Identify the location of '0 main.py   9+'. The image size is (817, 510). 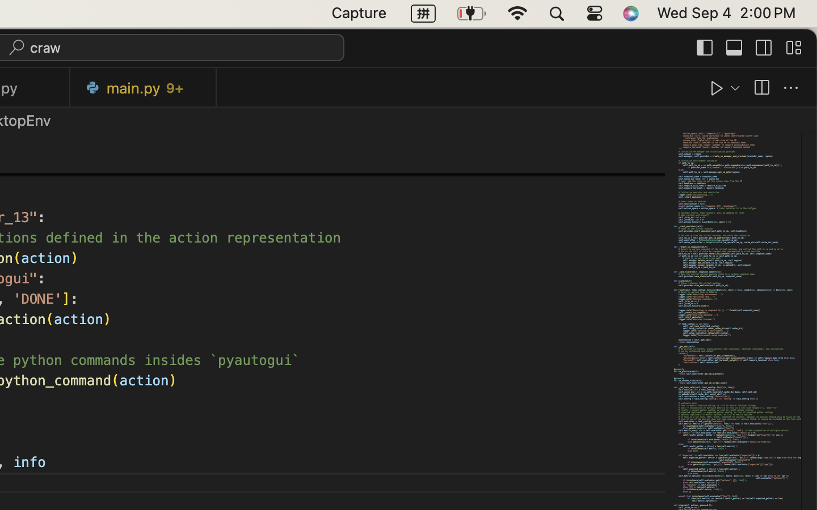
(143, 87).